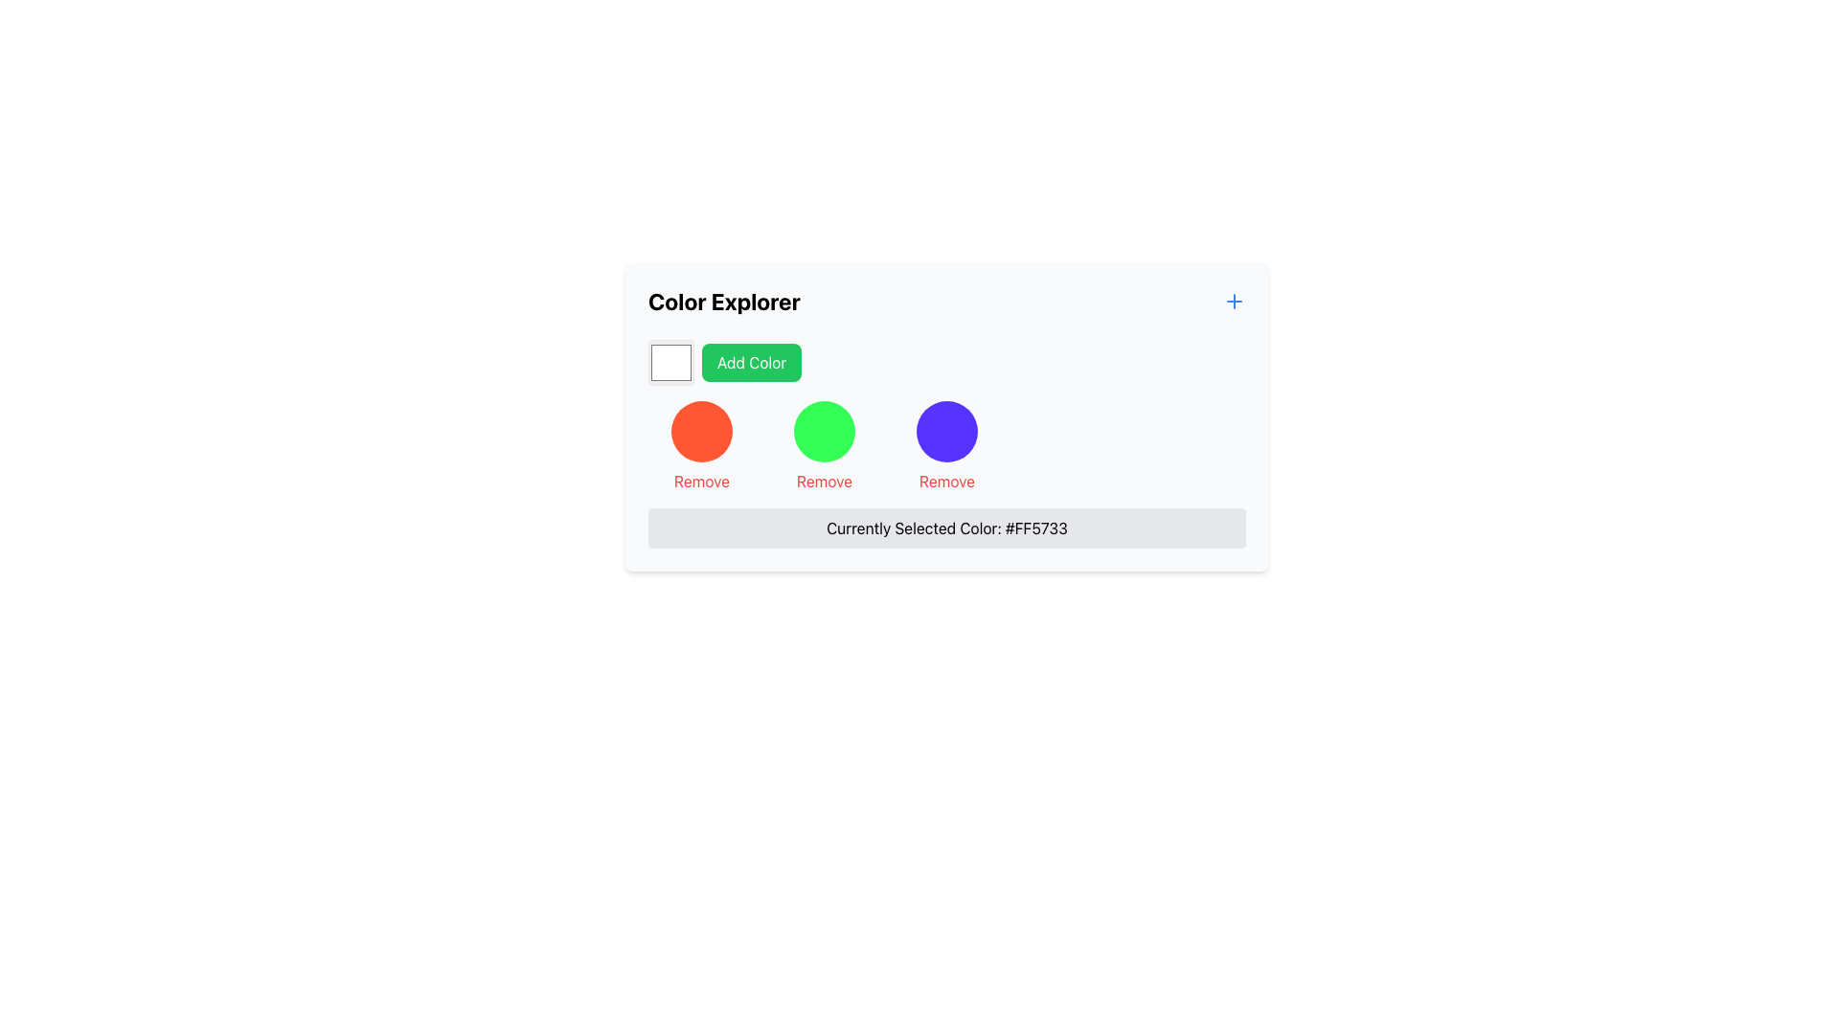 This screenshot has width=1839, height=1034. I want to click on the text label displaying the hexadecimal color code '#FF5733' located within the gray bar labeled 'Currently Selected Color:' at the bottom of the interface, so click(1035, 528).